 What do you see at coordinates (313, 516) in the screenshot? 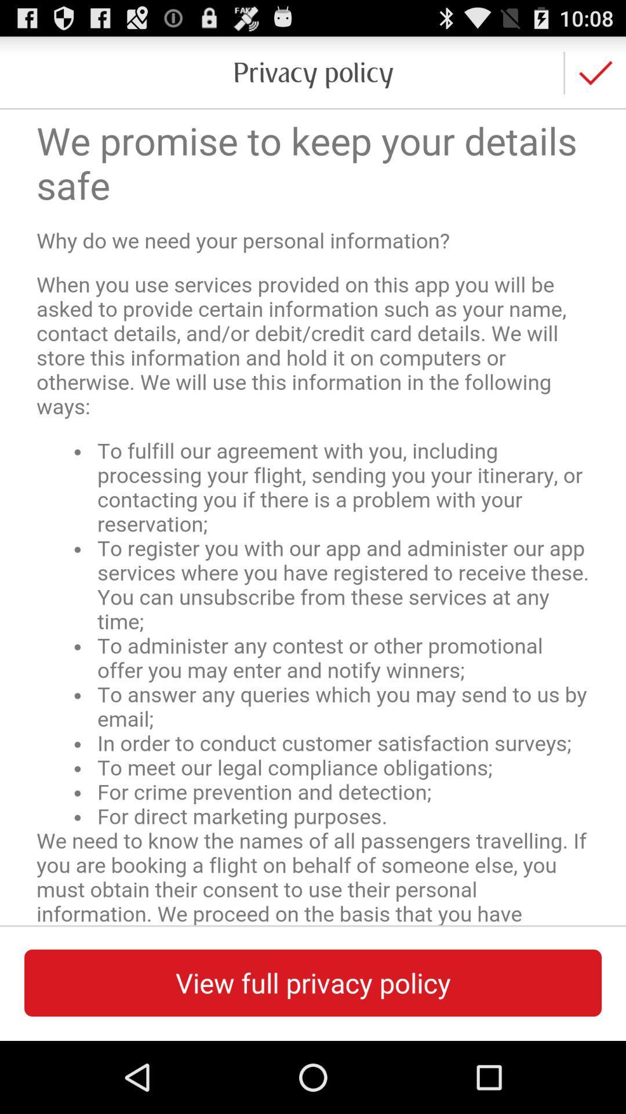
I see `privacy policy page` at bounding box center [313, 516].